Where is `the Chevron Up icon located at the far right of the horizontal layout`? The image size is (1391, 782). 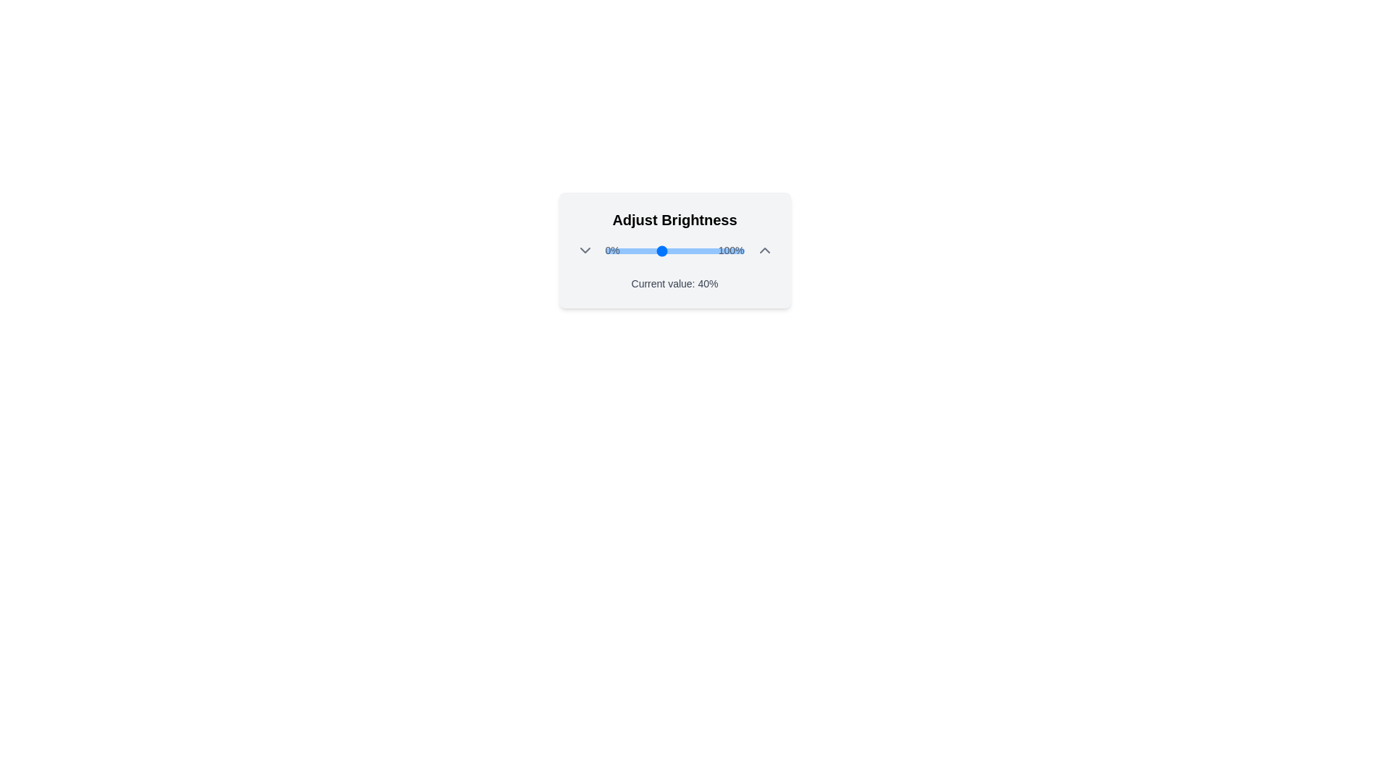
the Chevron Up icon located at the far right of the horizontal layout is located at coordinates (764, 250).